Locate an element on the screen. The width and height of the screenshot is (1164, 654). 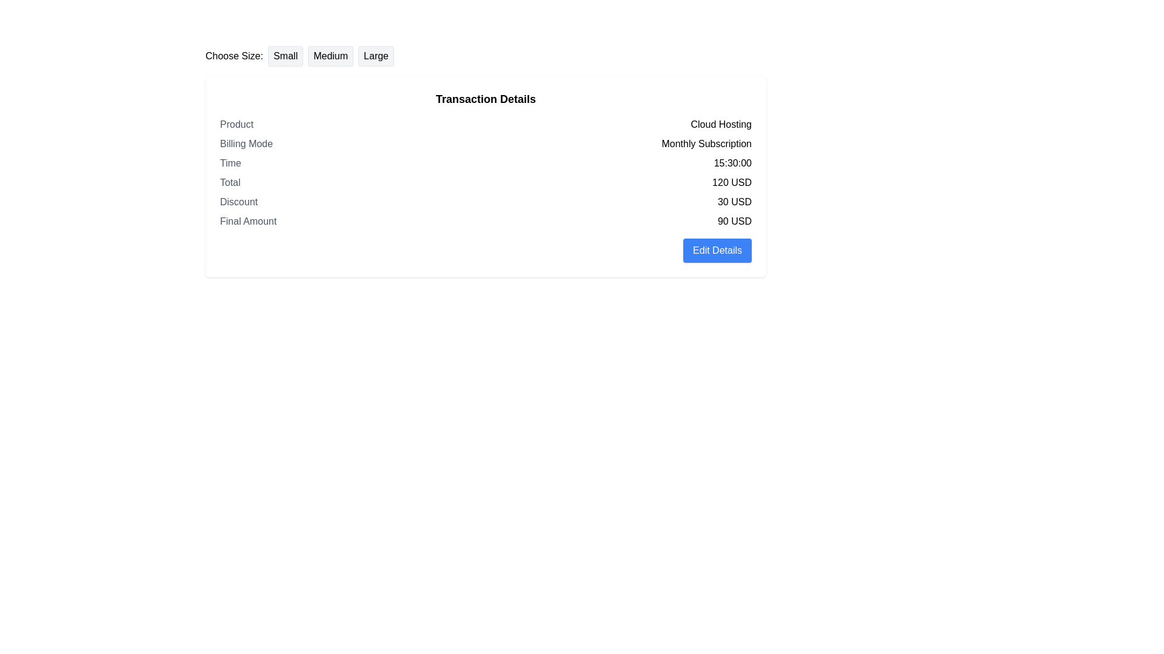
the 'Time' text element, which is styled in light gray and serves as a descriptor for the associated time value '15:30:00' in the transaction details layout is located at coordinates (230, 163).